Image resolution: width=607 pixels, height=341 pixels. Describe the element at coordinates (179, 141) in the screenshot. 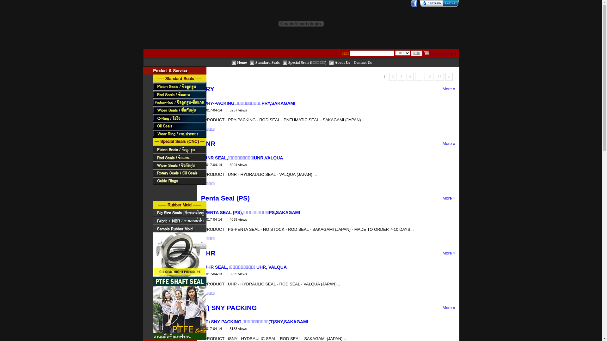

I see `'Special Seals (CNC)'` at that location.